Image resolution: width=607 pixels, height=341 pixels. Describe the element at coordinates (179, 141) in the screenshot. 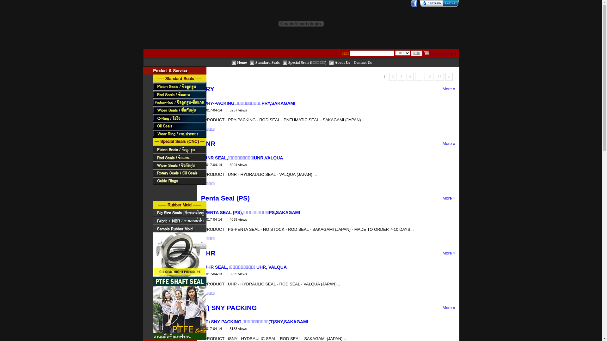

I see `'Special Seals (CNC)'` at that location.